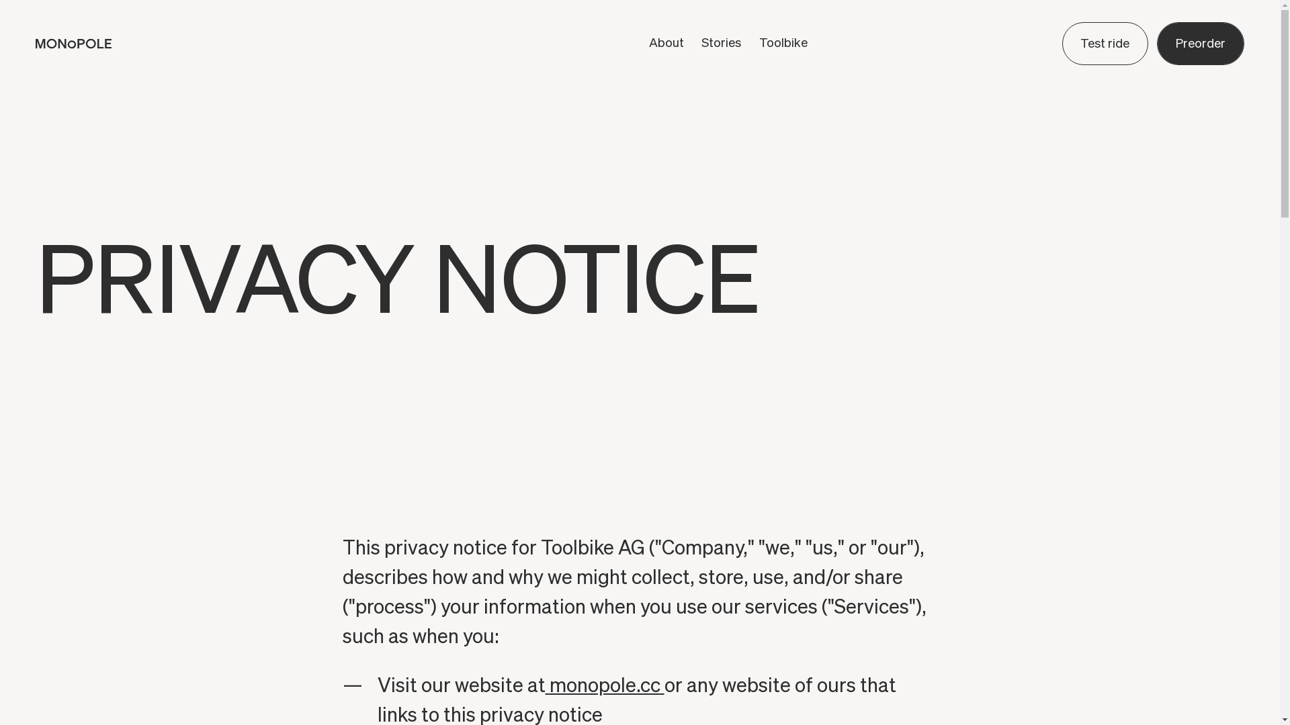 The width and height of the screenshot is (1290, 725). Describe the element at coordinates (720, 42) in the screenshot. I see `'Stories'` at that location.